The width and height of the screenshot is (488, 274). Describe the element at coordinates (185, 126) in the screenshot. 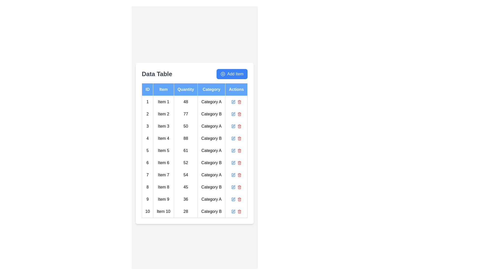

I see `the numerical text field displaying '50' in the 'Quantity' column of the table` at that location.